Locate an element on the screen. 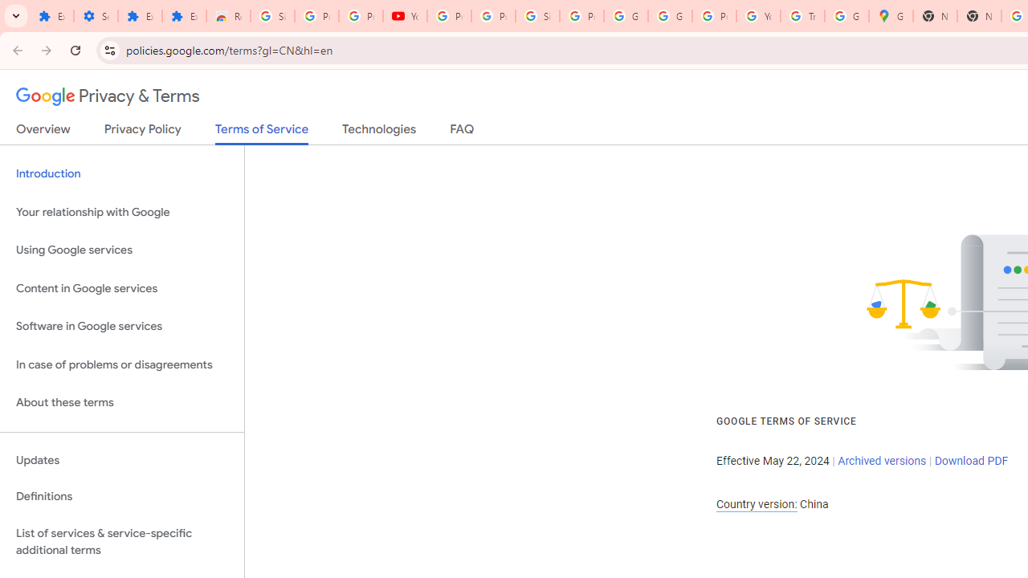 The image size is (1028, 578). 'Download PDF' is located at coordinates (970, 461).